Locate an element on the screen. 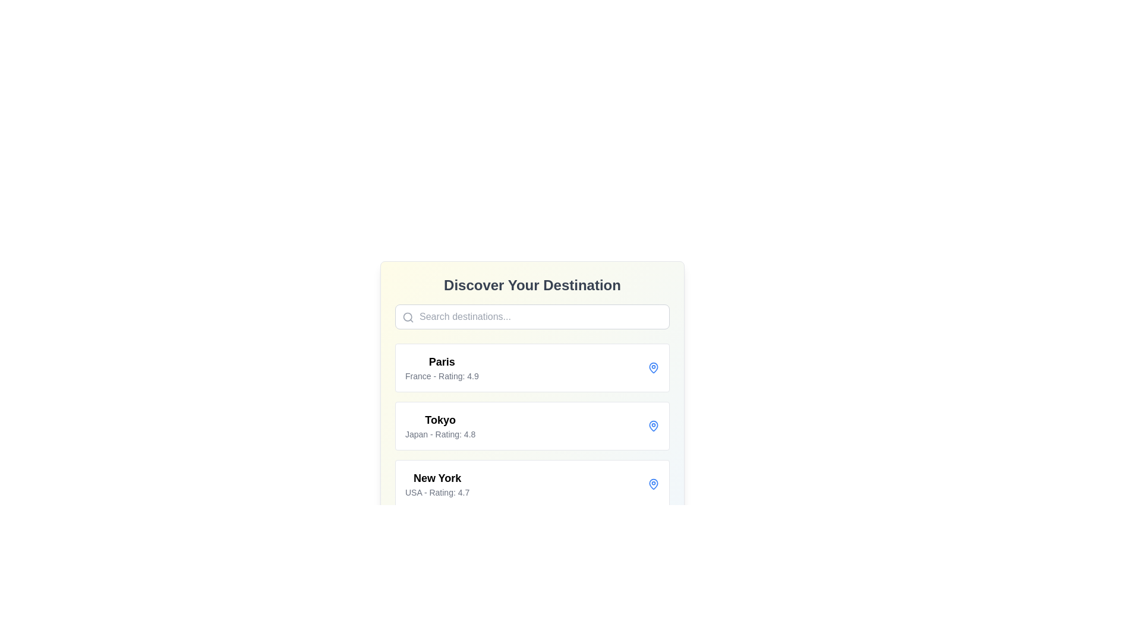 Image resolution: width=1141 pixels, height=641 pixels. the card labeled 'Tokyo', which is the second item is located at coordinates (532, 425).